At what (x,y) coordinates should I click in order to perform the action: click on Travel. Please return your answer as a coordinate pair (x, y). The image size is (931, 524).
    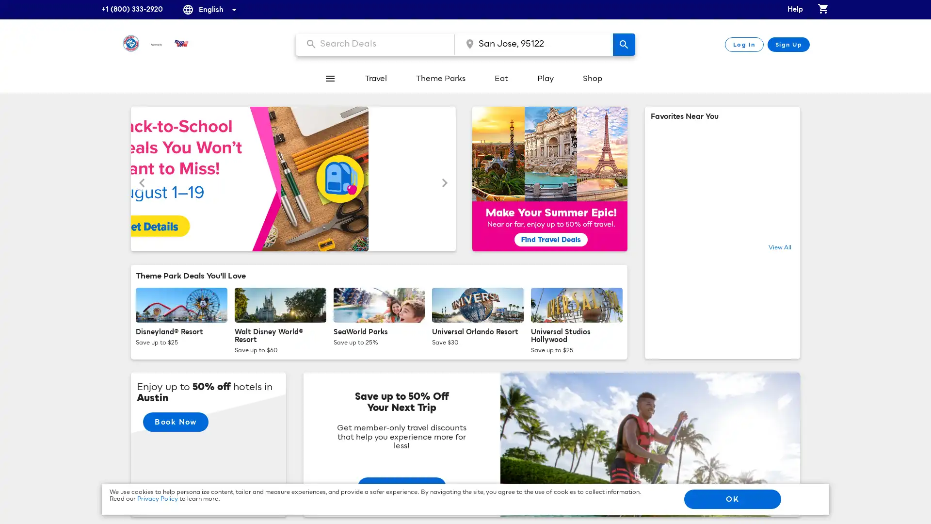
    Looking at the image, I should click on (375, 81).